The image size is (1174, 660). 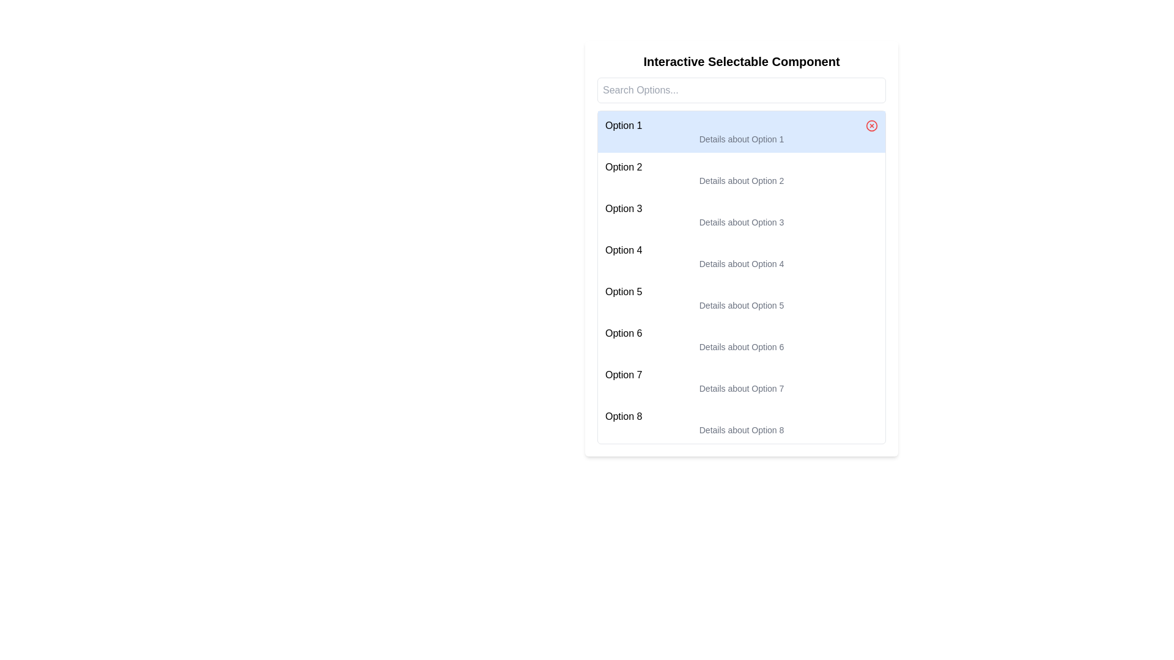 What do you see at coordinates (741, 389) in the screenshot?
I see `the text label displaying 'Details about Option 7', which is styled in gray and positioned below the main label 'Option 7' in the selectable list item` at bounding box center [741, 389].